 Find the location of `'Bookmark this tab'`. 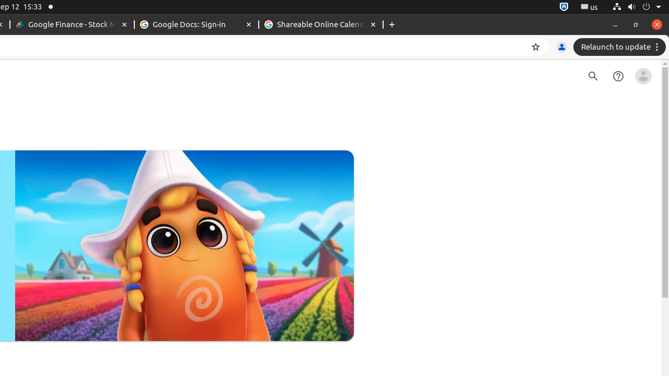

'Bookmark this tab' is located at coordinates (536, 47).